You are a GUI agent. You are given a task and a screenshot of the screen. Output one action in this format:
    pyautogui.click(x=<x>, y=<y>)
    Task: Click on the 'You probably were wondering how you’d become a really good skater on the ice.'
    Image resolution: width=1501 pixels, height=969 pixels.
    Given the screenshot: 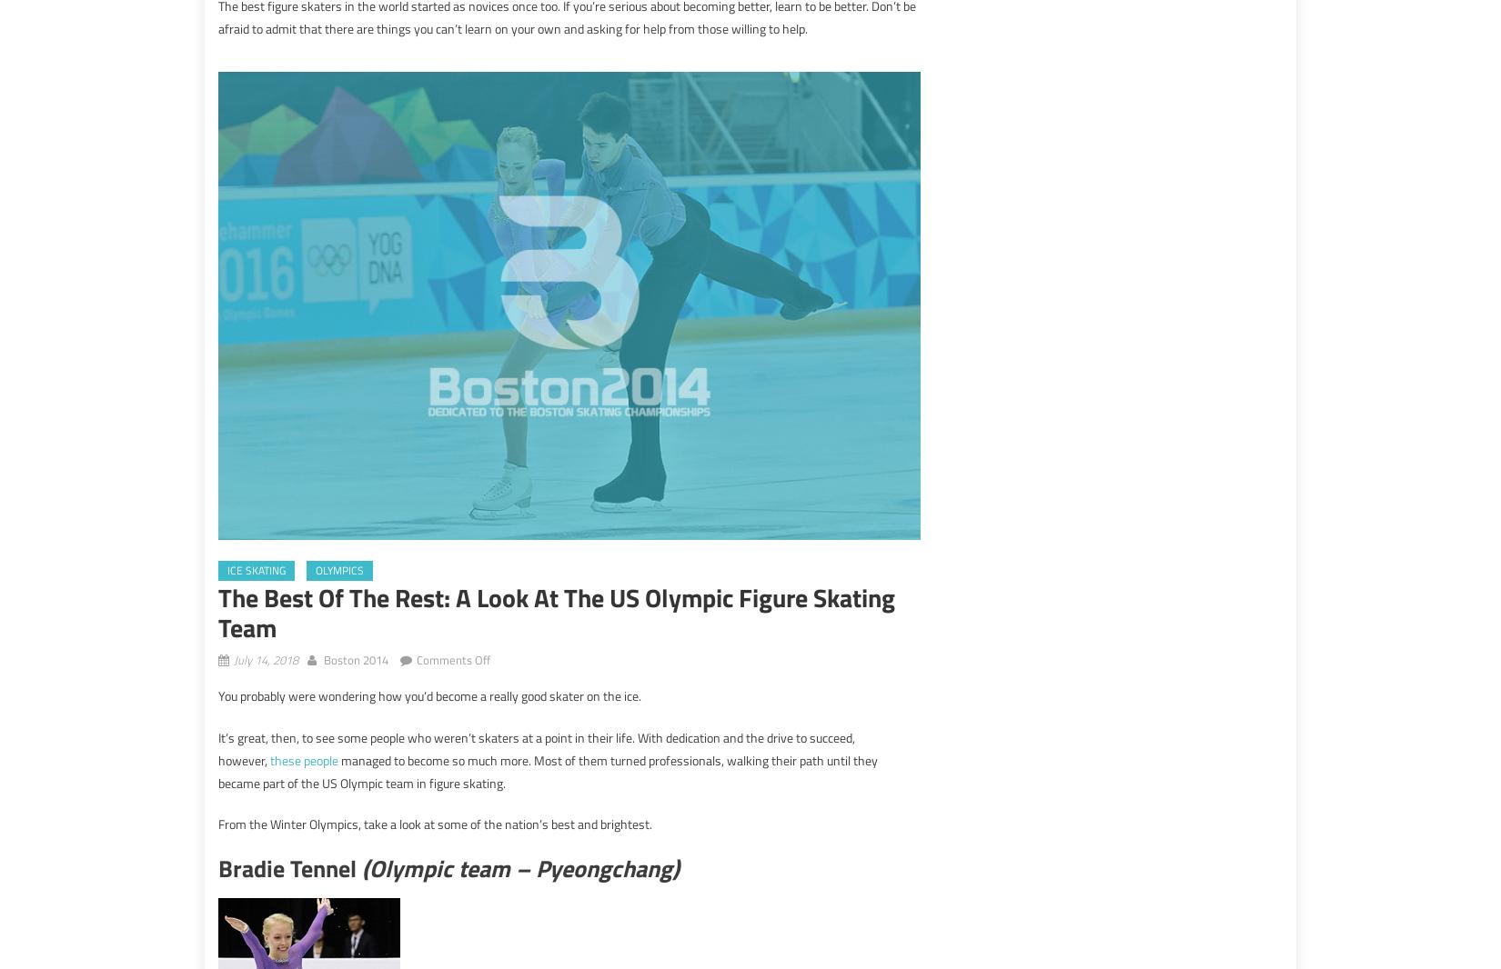 What is the action you would take?
    pyautogui.click(x=428, y=694)
    